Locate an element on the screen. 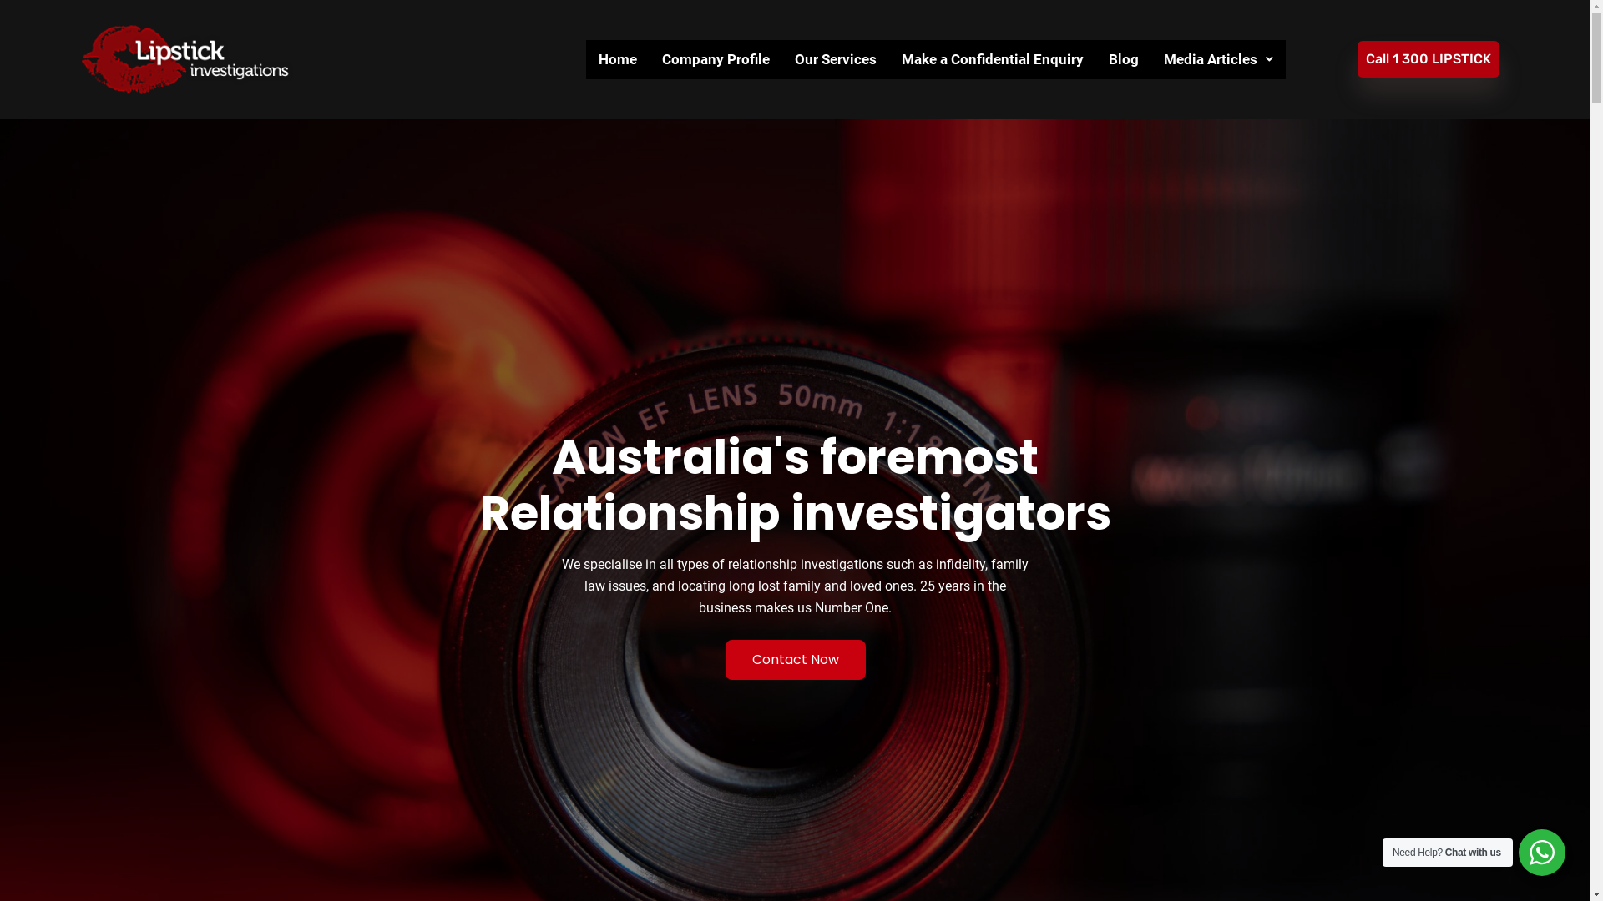  'Make a Confidential Enquiry' is located at coordinates (993, 58).